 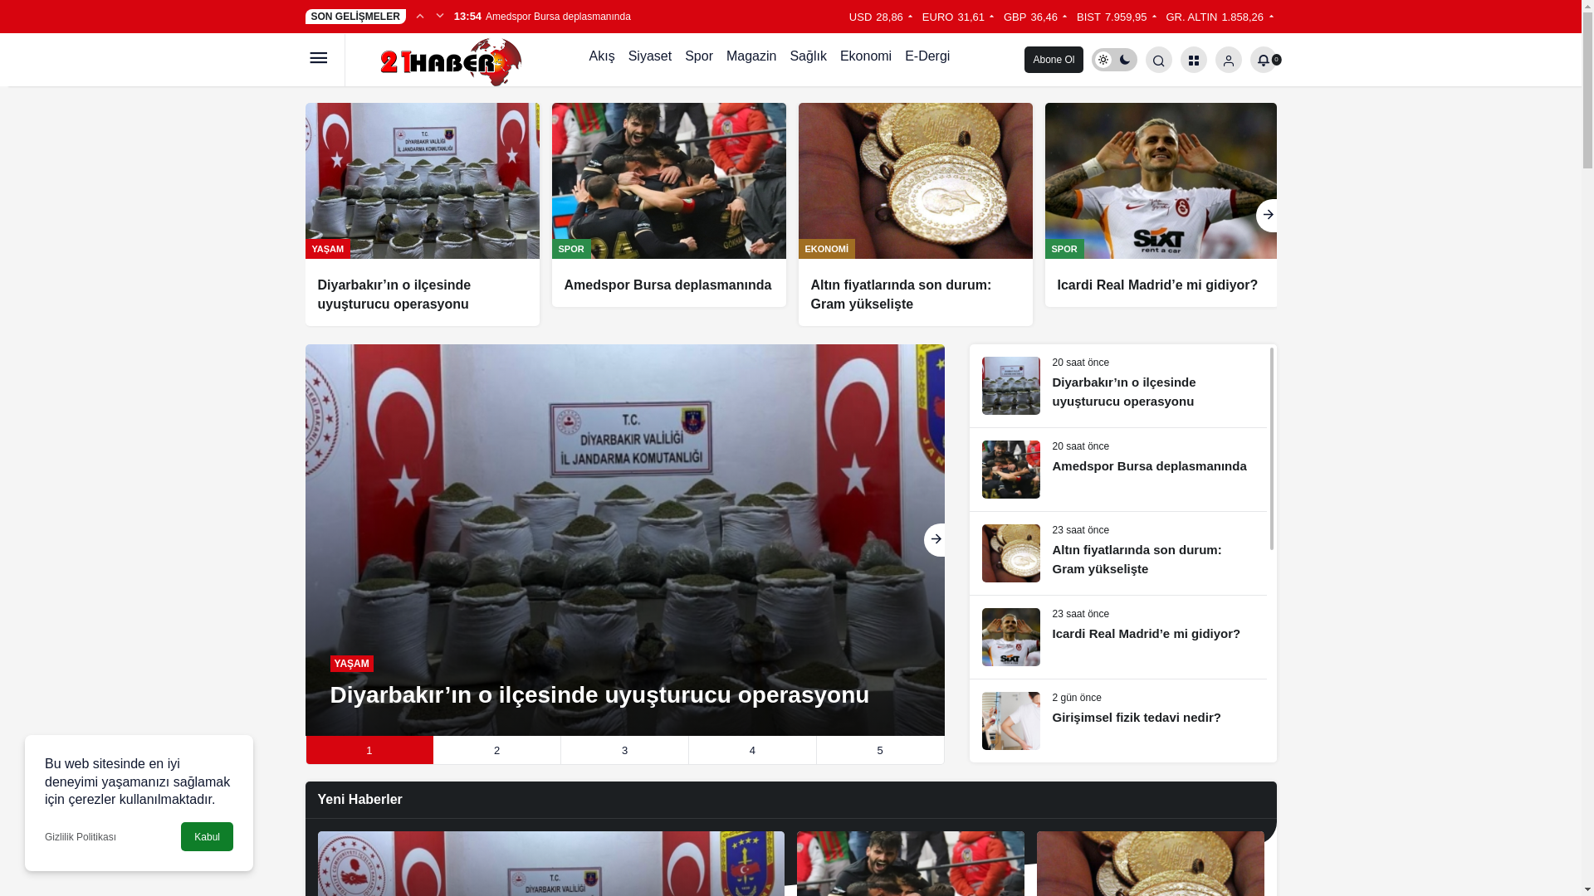 I want to click on 'Ekonomi', so click(x=864, y=59).